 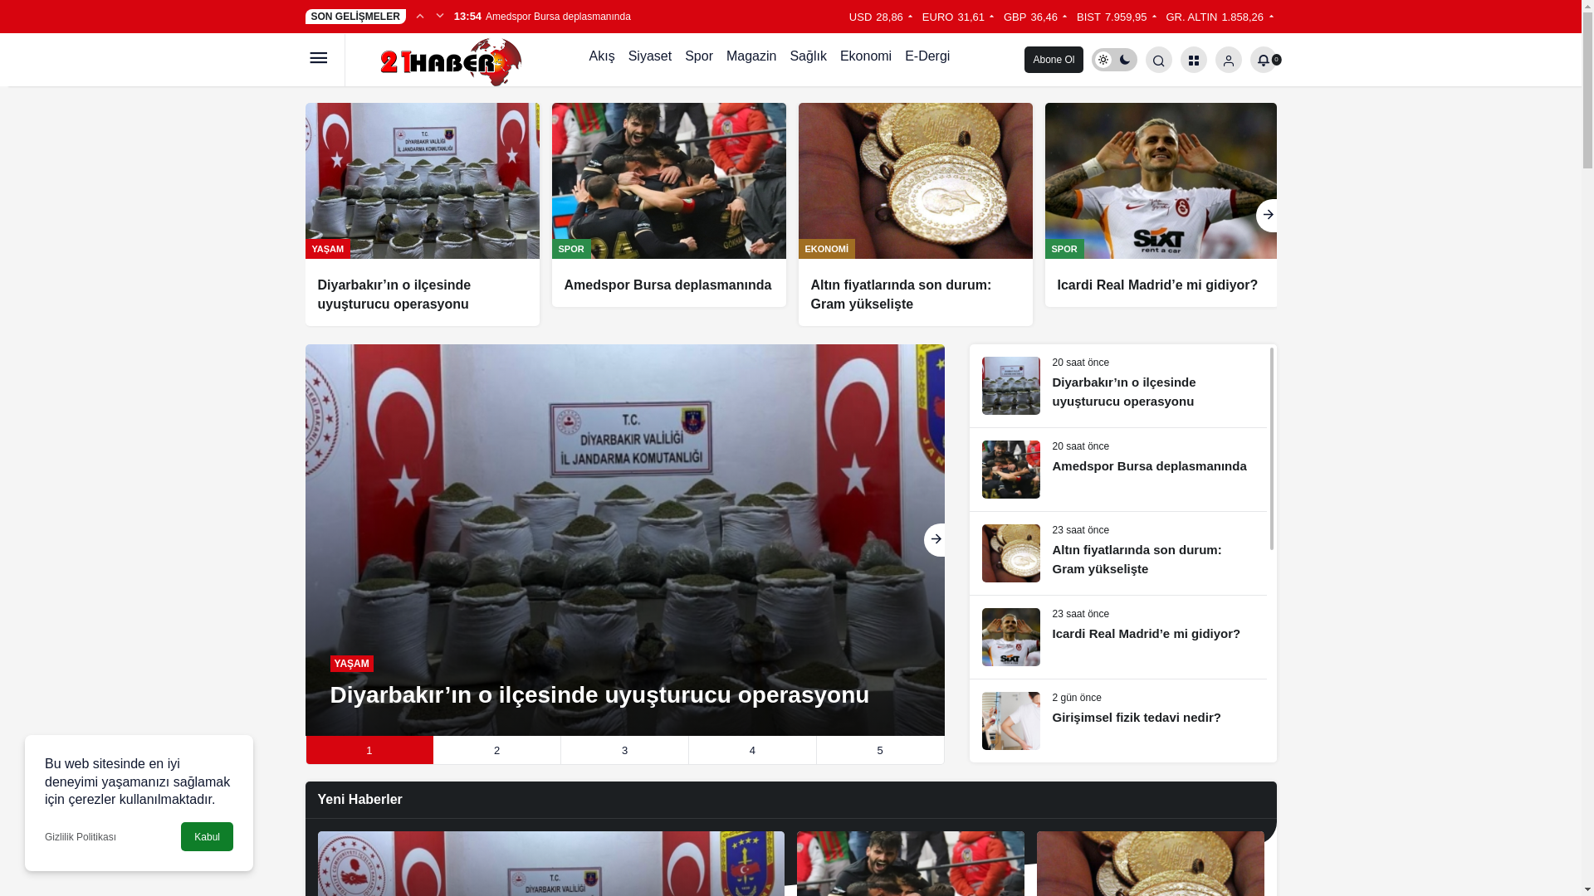 I want to click on 'Ekonomi', so click(x=864, y=59).